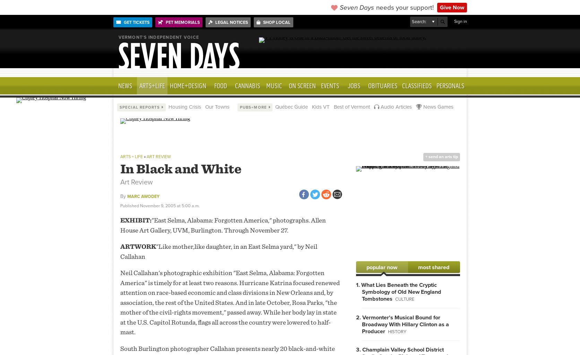 The width and height of the screenshot is (580, 355). I want to click on 'Give Now', so click(451, 7).